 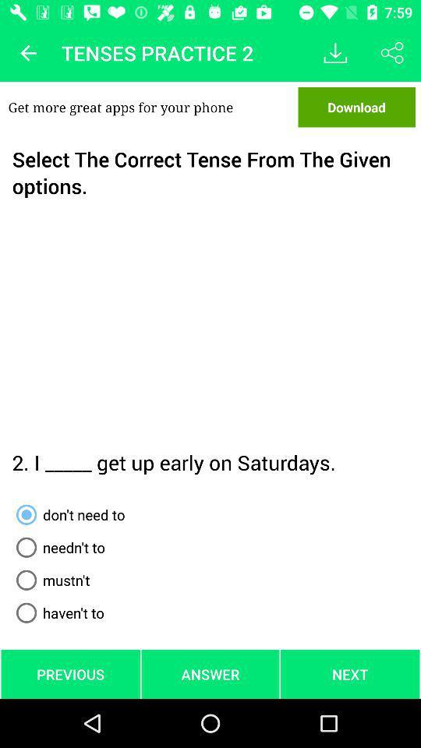 What do you see at coordinates (28, 53) in the screenshot?
I see `go back` at bounding box center [28, 53].